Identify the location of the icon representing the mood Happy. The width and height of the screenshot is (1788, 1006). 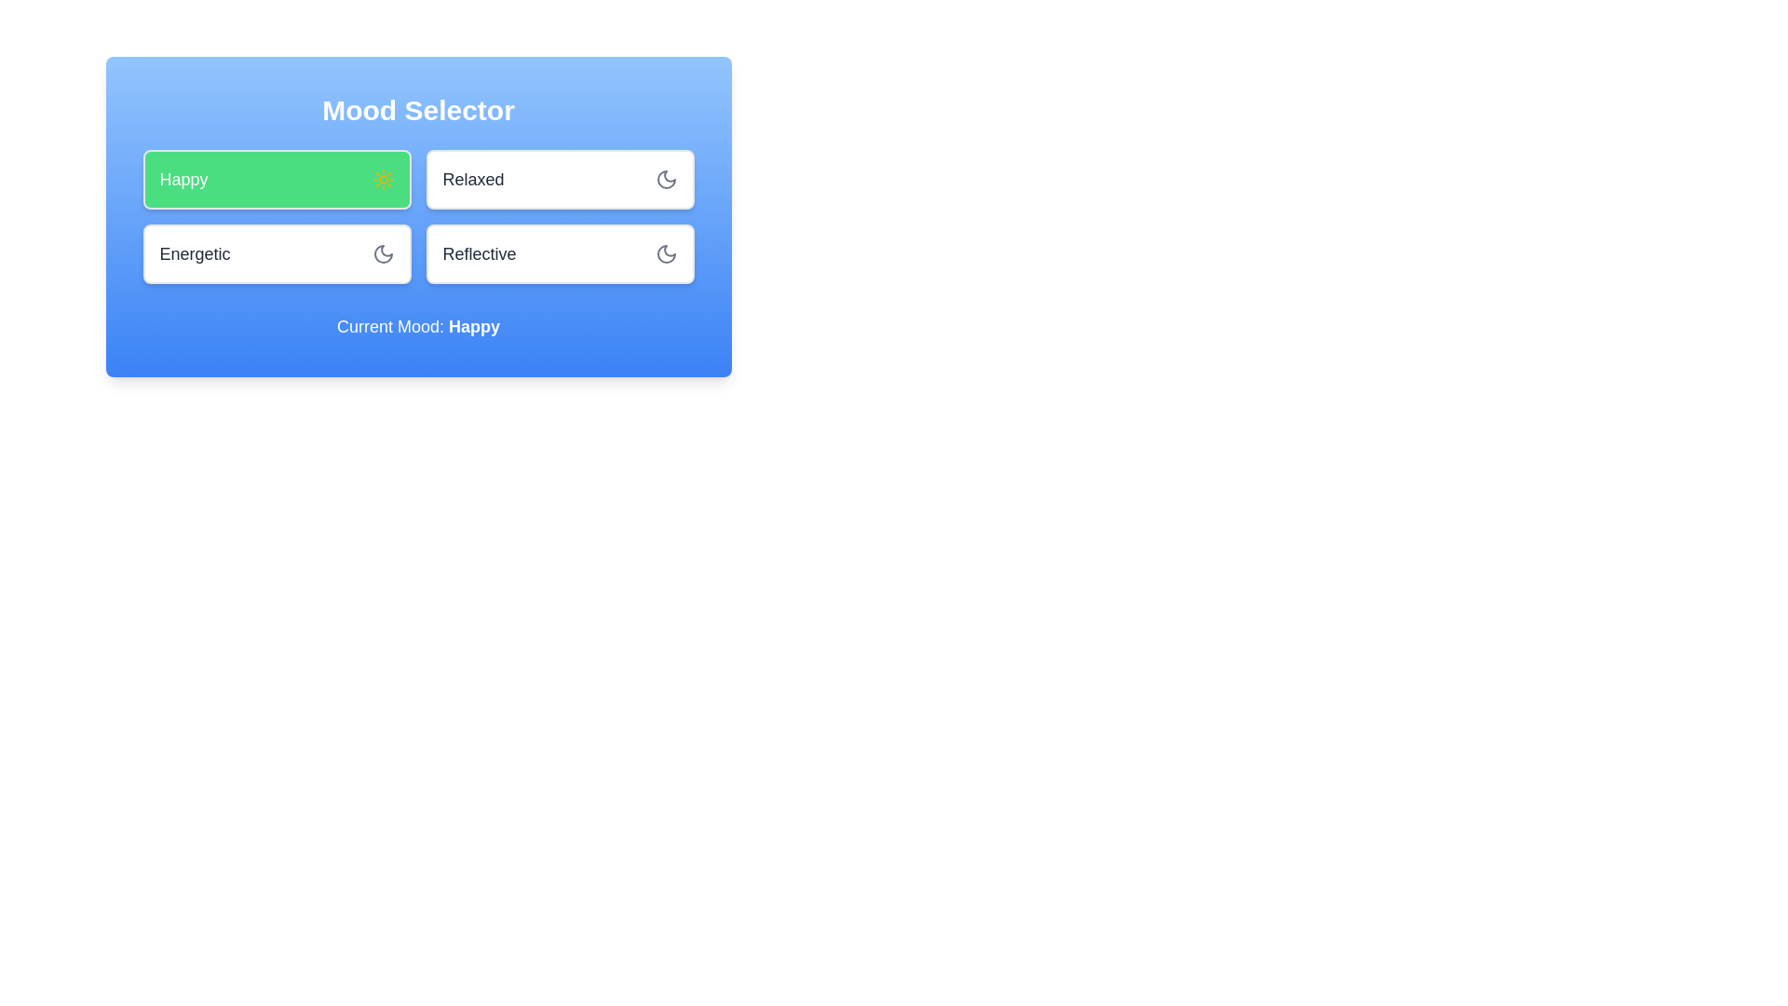
(382, 179).